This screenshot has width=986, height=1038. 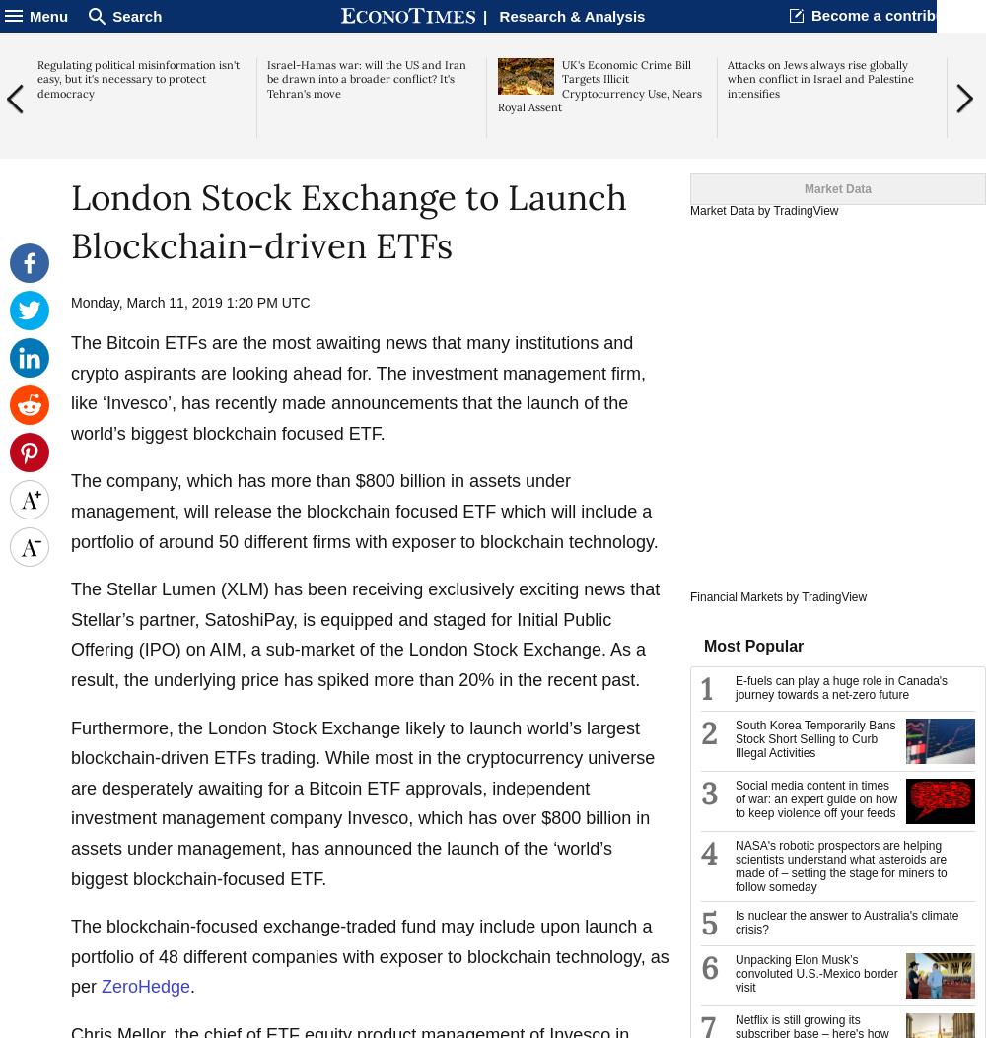 I want to click on 'Social media content in times of war: an expert guide on how to keep violence off your feeds', so click(x=815, y=799).